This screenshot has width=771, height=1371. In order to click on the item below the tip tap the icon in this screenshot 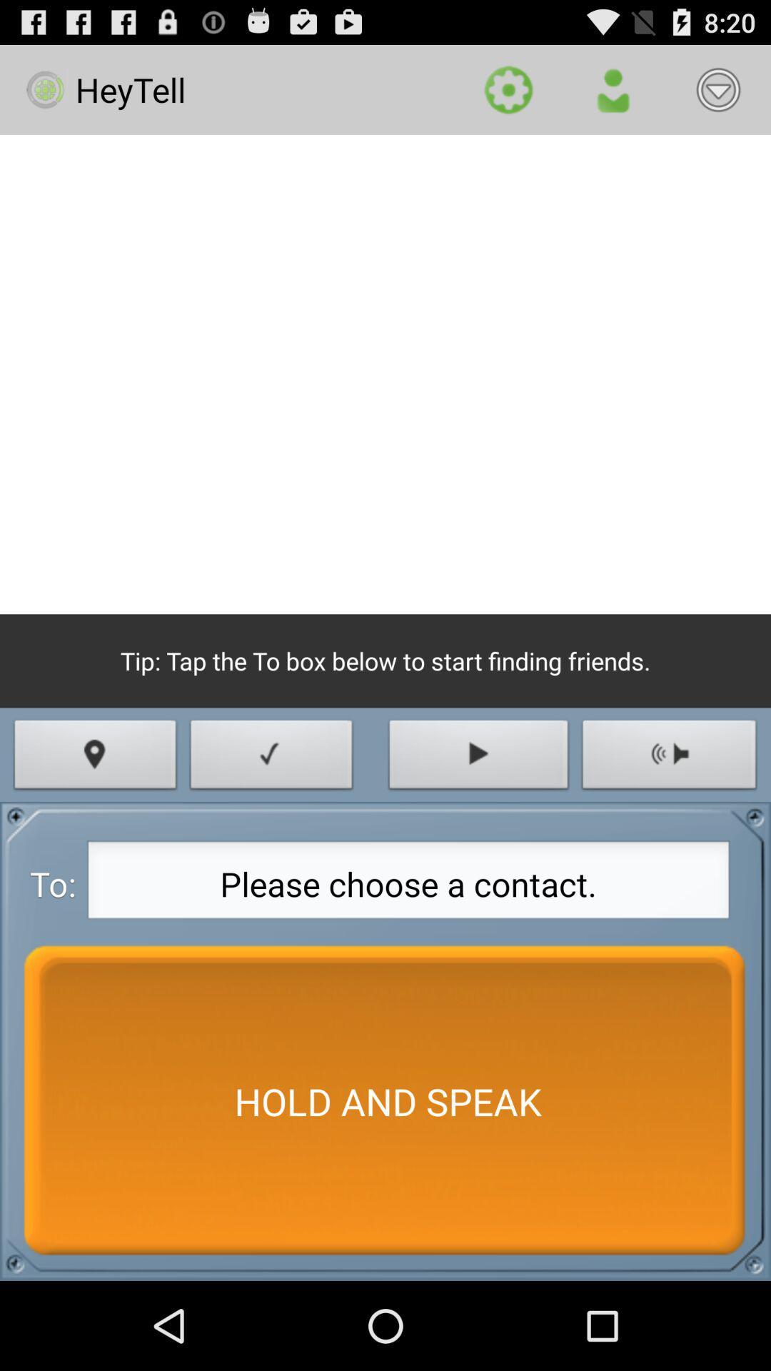, I will do `click(95, 758)`.